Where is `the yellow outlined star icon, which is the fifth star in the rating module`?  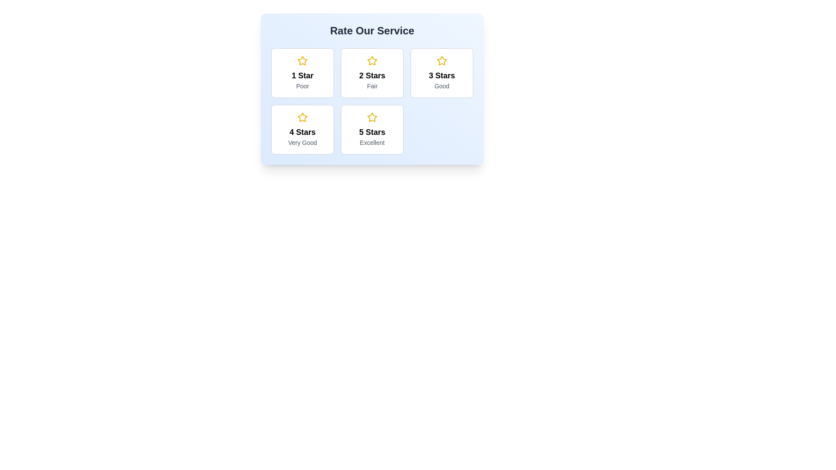
the yellow outlined star icon, which is the fifth star in the rating module is located at coordinates (372, 117).